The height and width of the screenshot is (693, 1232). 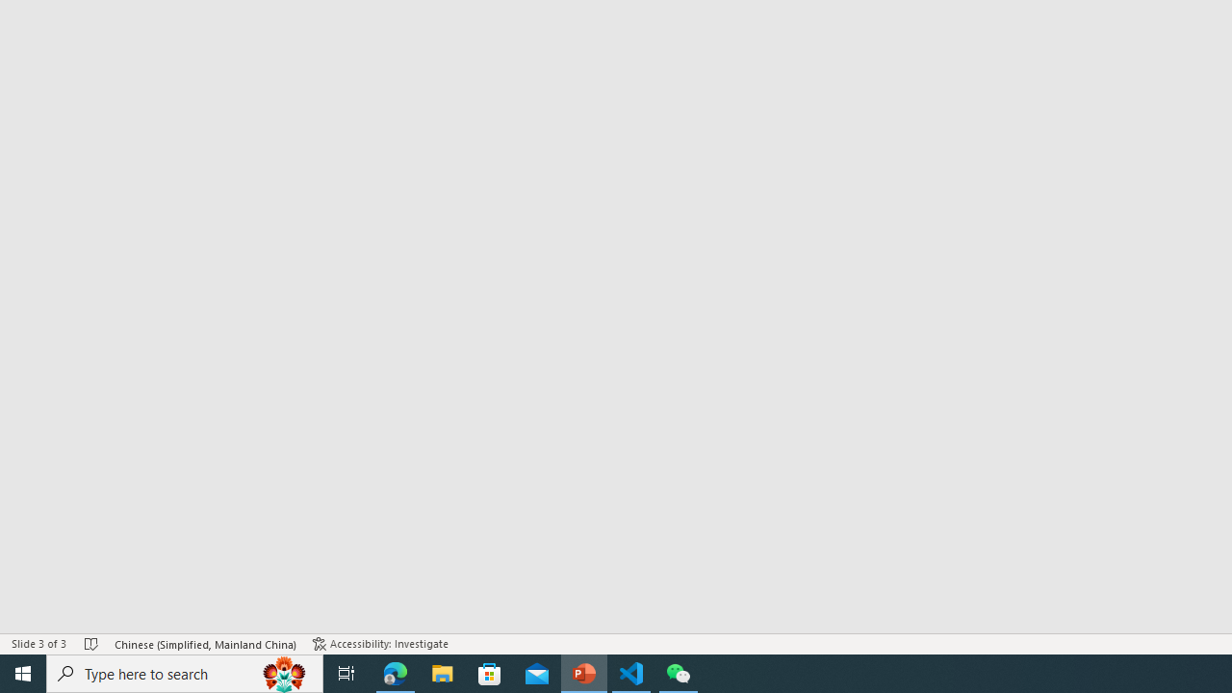 What do you see at coordinates (631, 672) in the screenshot?
I see `'Visual Studio Code - 1 running window'` at bounding box center [631, 672].